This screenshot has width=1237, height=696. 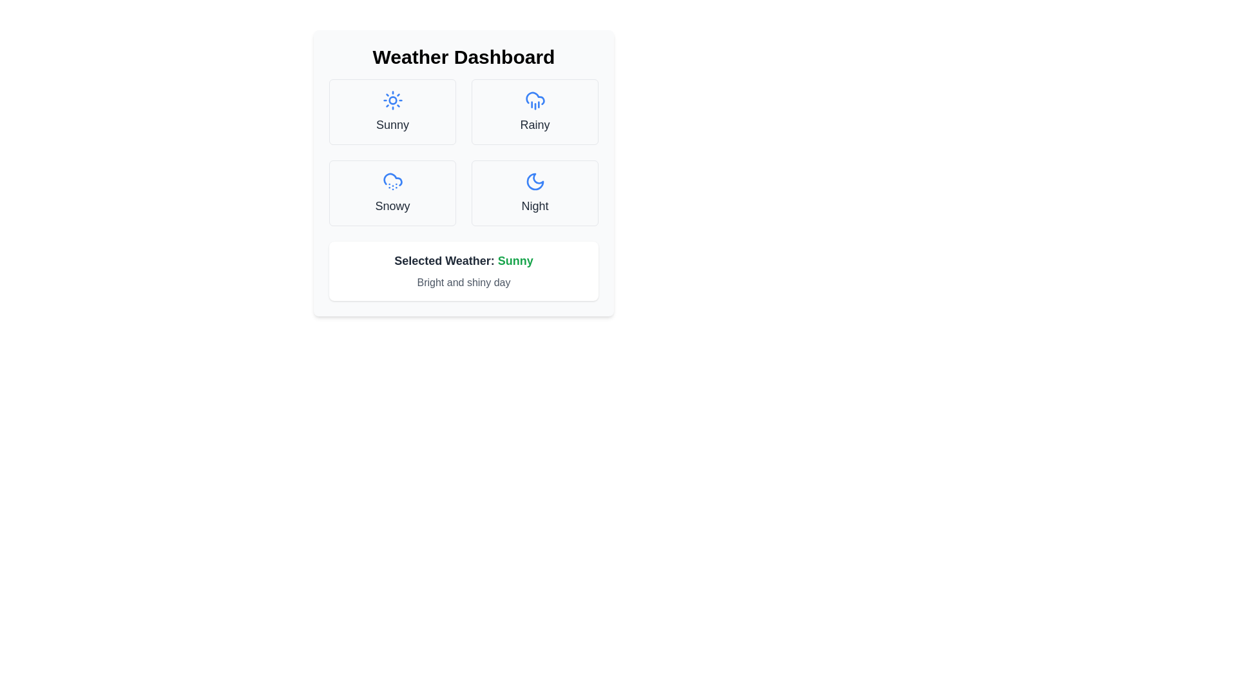 I want to click on the 'Night' weather condition button, which features a moon icon above the text 'Night', located in the fourth position of a 2x2 grid in the Weather Dashboard, so click(x=535, y=193).